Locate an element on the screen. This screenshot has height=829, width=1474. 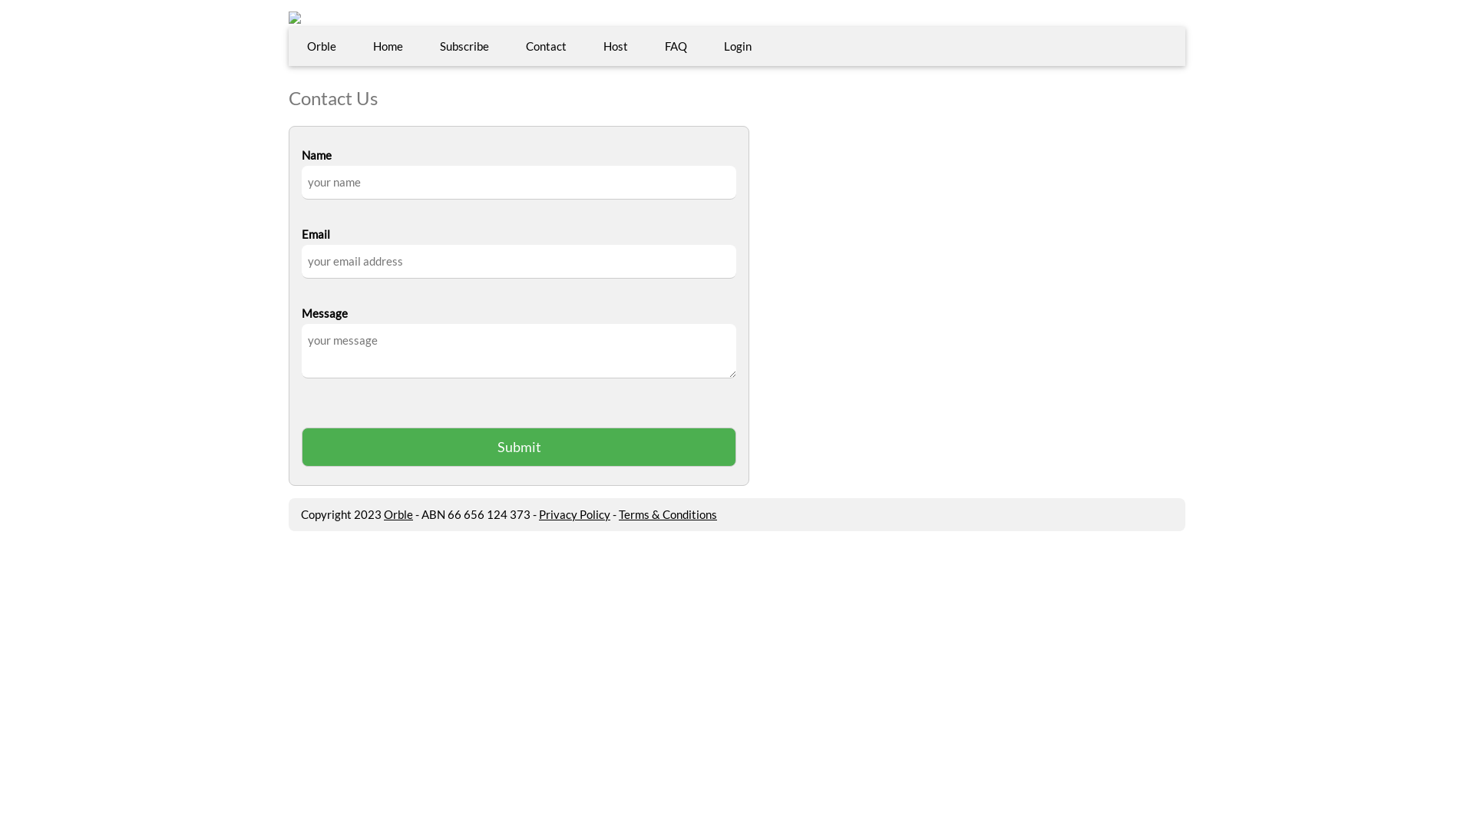
'FAQ' is located at coordinates (676, 45).